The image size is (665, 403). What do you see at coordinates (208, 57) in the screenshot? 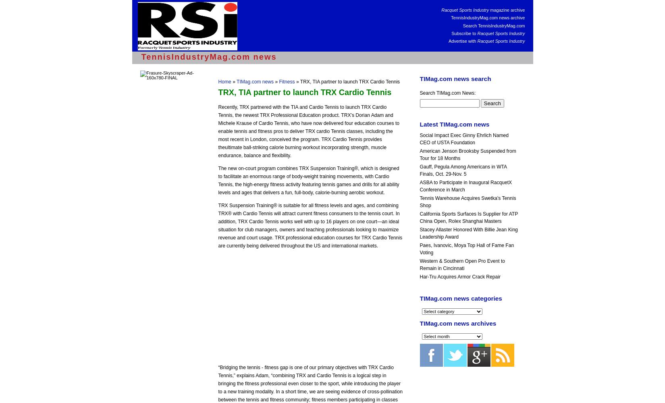
I see `'TennisIndustryMag.com news'` at bounding box center [208, 57].